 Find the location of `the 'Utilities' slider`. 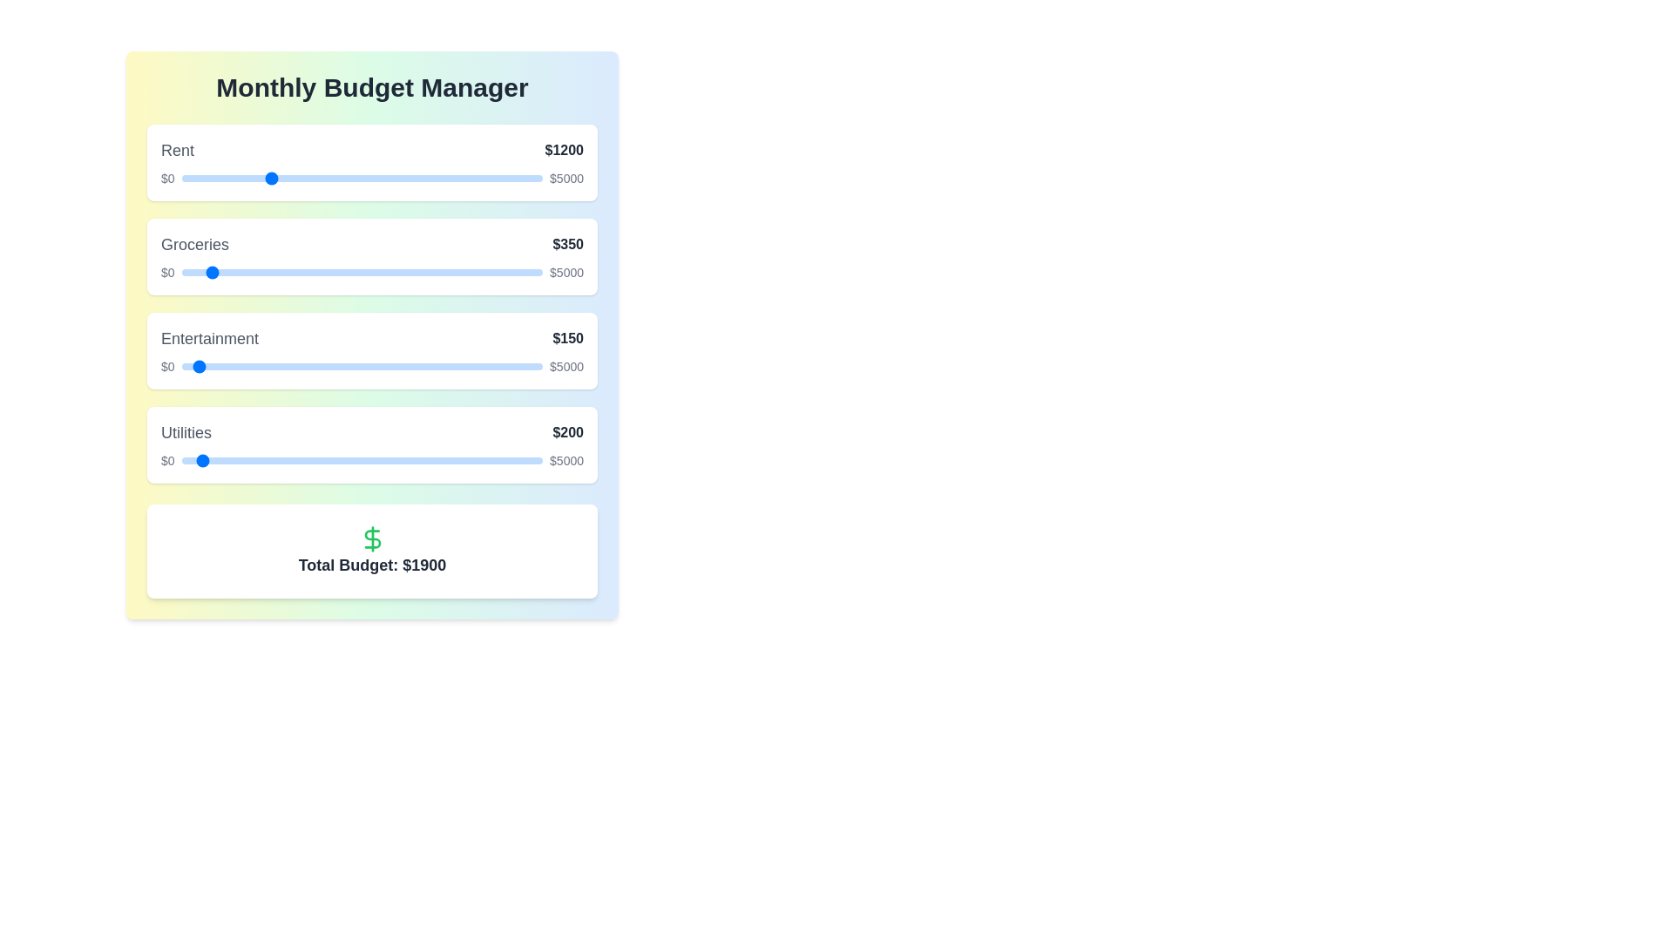

the 'Utilities' slider is located at coordinates (402, 459).